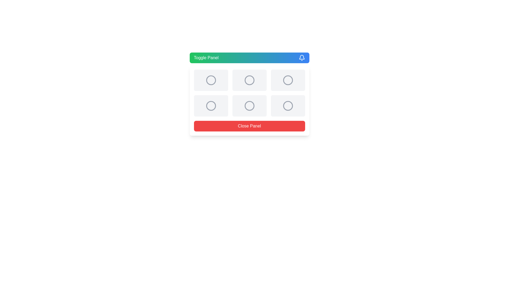 Image resolution: width=513 pixels, height=288 pixels. I want to click on the circular element located in the first column of the second row within a grid of circles, so click(211, 106).